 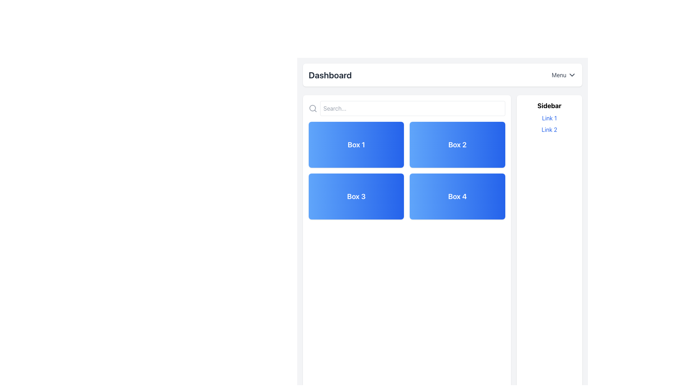 I want to click on the text label displaying 'Dashboard' which is styled in bold, large dark gray font at the top-left of the interface, so click(x=330, y=75).